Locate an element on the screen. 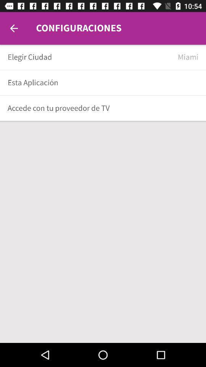 Image resolution: width=206 pixels, height=367 pixels. the elegir ciudad icon is located at coordinates (90, 57).